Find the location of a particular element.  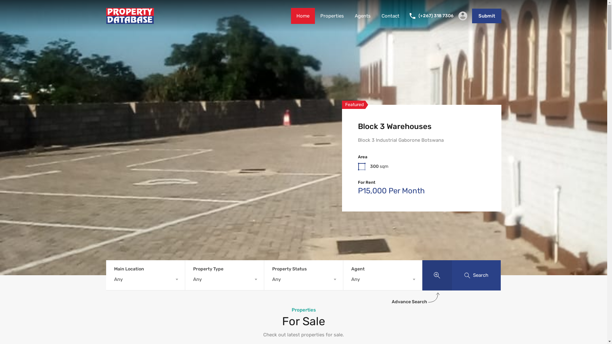

'Block 3 Warehouses' is located at coordinates (394, 126).